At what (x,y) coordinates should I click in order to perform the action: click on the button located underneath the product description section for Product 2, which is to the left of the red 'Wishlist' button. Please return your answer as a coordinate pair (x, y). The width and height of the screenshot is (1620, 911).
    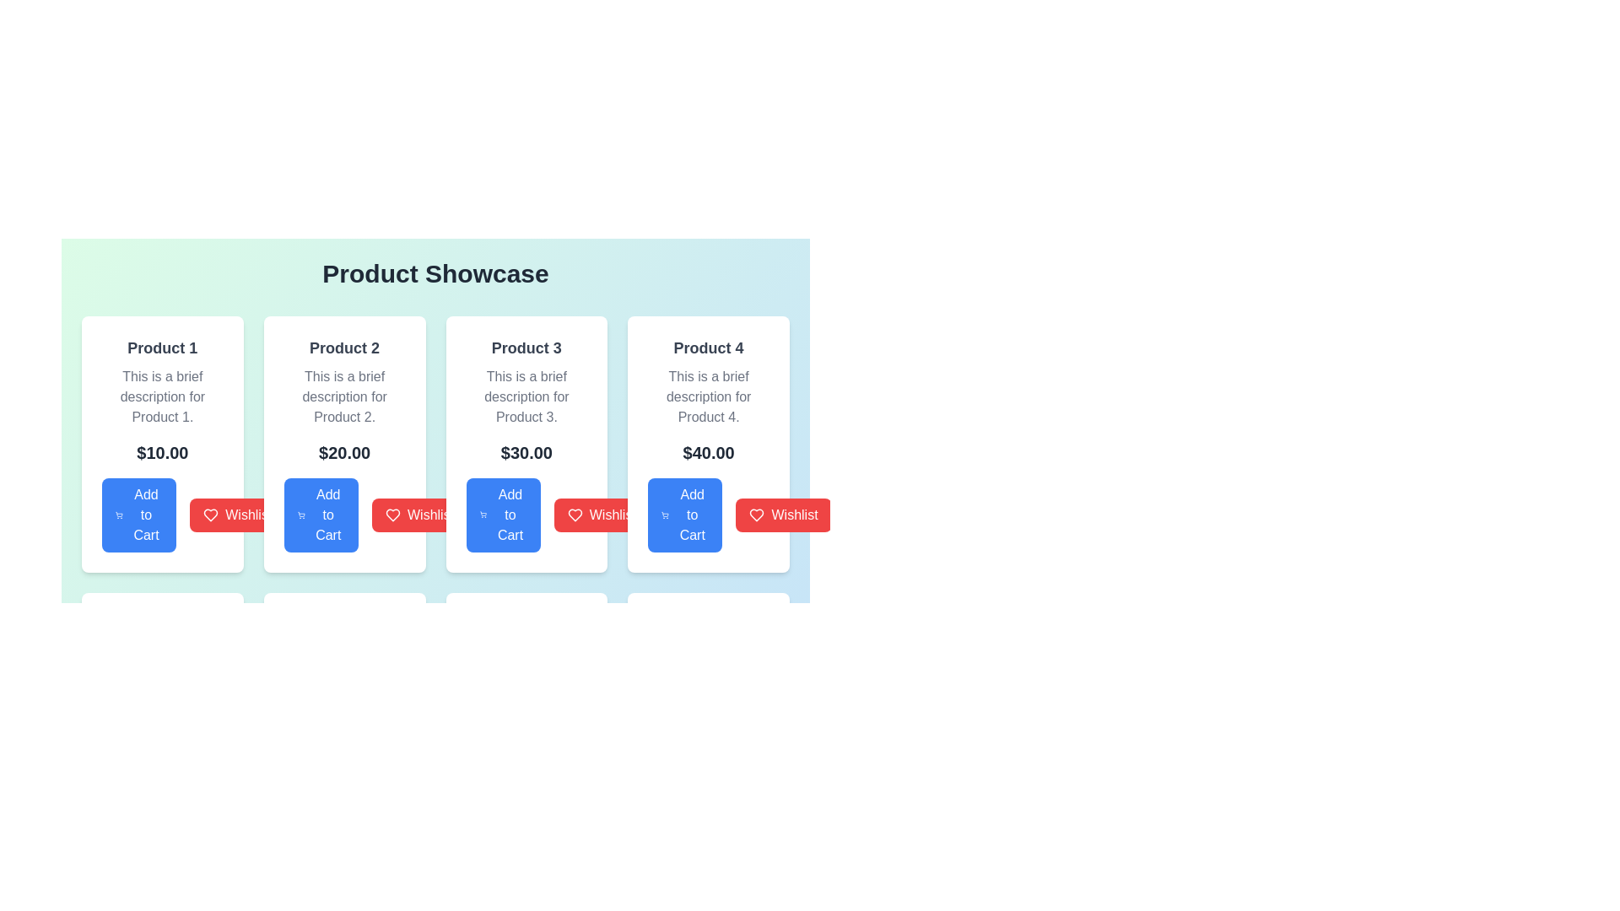
    Looking at the image, I should click on (321, 514).